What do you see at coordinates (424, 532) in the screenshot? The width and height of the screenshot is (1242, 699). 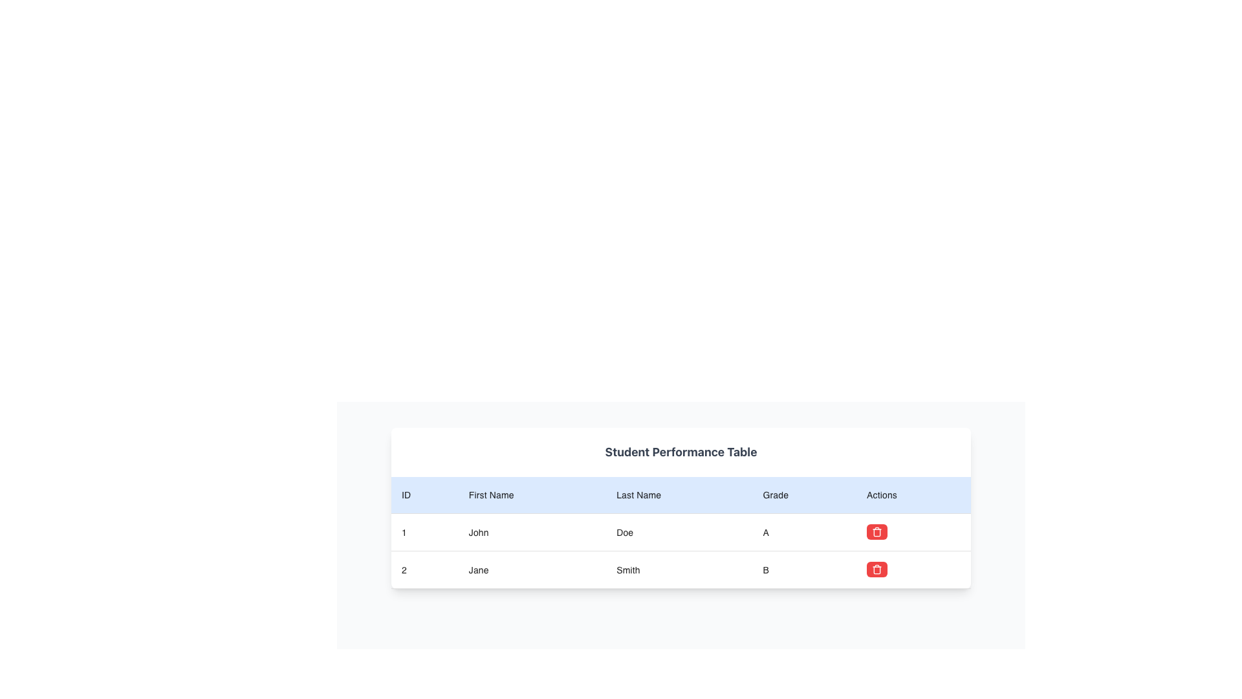 I see `value of the first table cell displaying the student ID for 'John Doe A' in the first data row of the table` at bounding box center [424, 532].